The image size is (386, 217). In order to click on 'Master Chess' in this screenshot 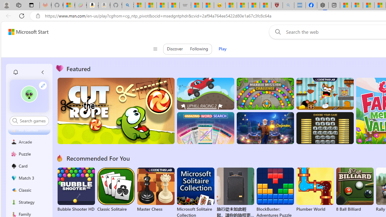, I will do `click(156, 190)`.